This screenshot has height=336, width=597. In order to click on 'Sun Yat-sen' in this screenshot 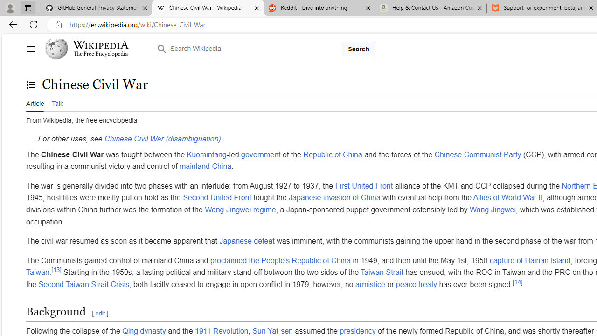, I will do `click(272, 330)`.